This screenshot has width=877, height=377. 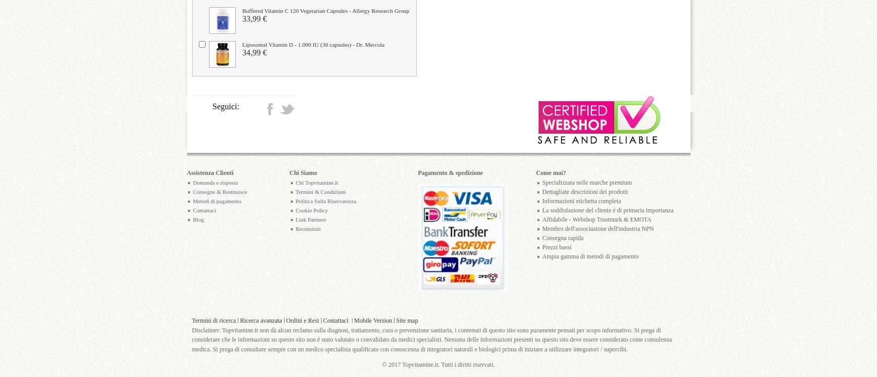 What do you see at coordinates (313, 45) in the screenshot?
I see `'Liposomal Vitamin D - 1.000 IU (30 capsules) - Dr. Mercola'` at bounding box center [313, 45].